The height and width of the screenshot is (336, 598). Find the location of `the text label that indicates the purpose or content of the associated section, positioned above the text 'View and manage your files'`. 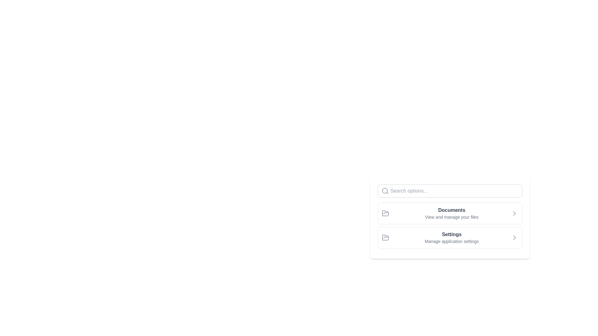

the text label that indicates the purpose or content of the associated section, positioned above the text 'View and manage your files' is located at coordinates (452, 210).